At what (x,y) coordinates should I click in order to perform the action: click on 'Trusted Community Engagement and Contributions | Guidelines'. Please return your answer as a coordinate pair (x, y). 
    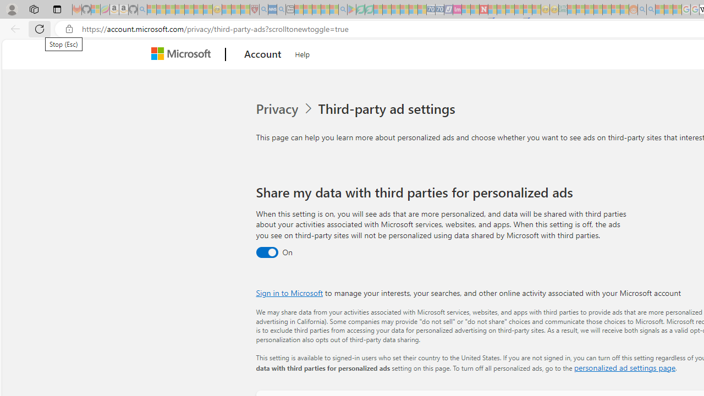
    Looking at the image, I should click on (492, 9).